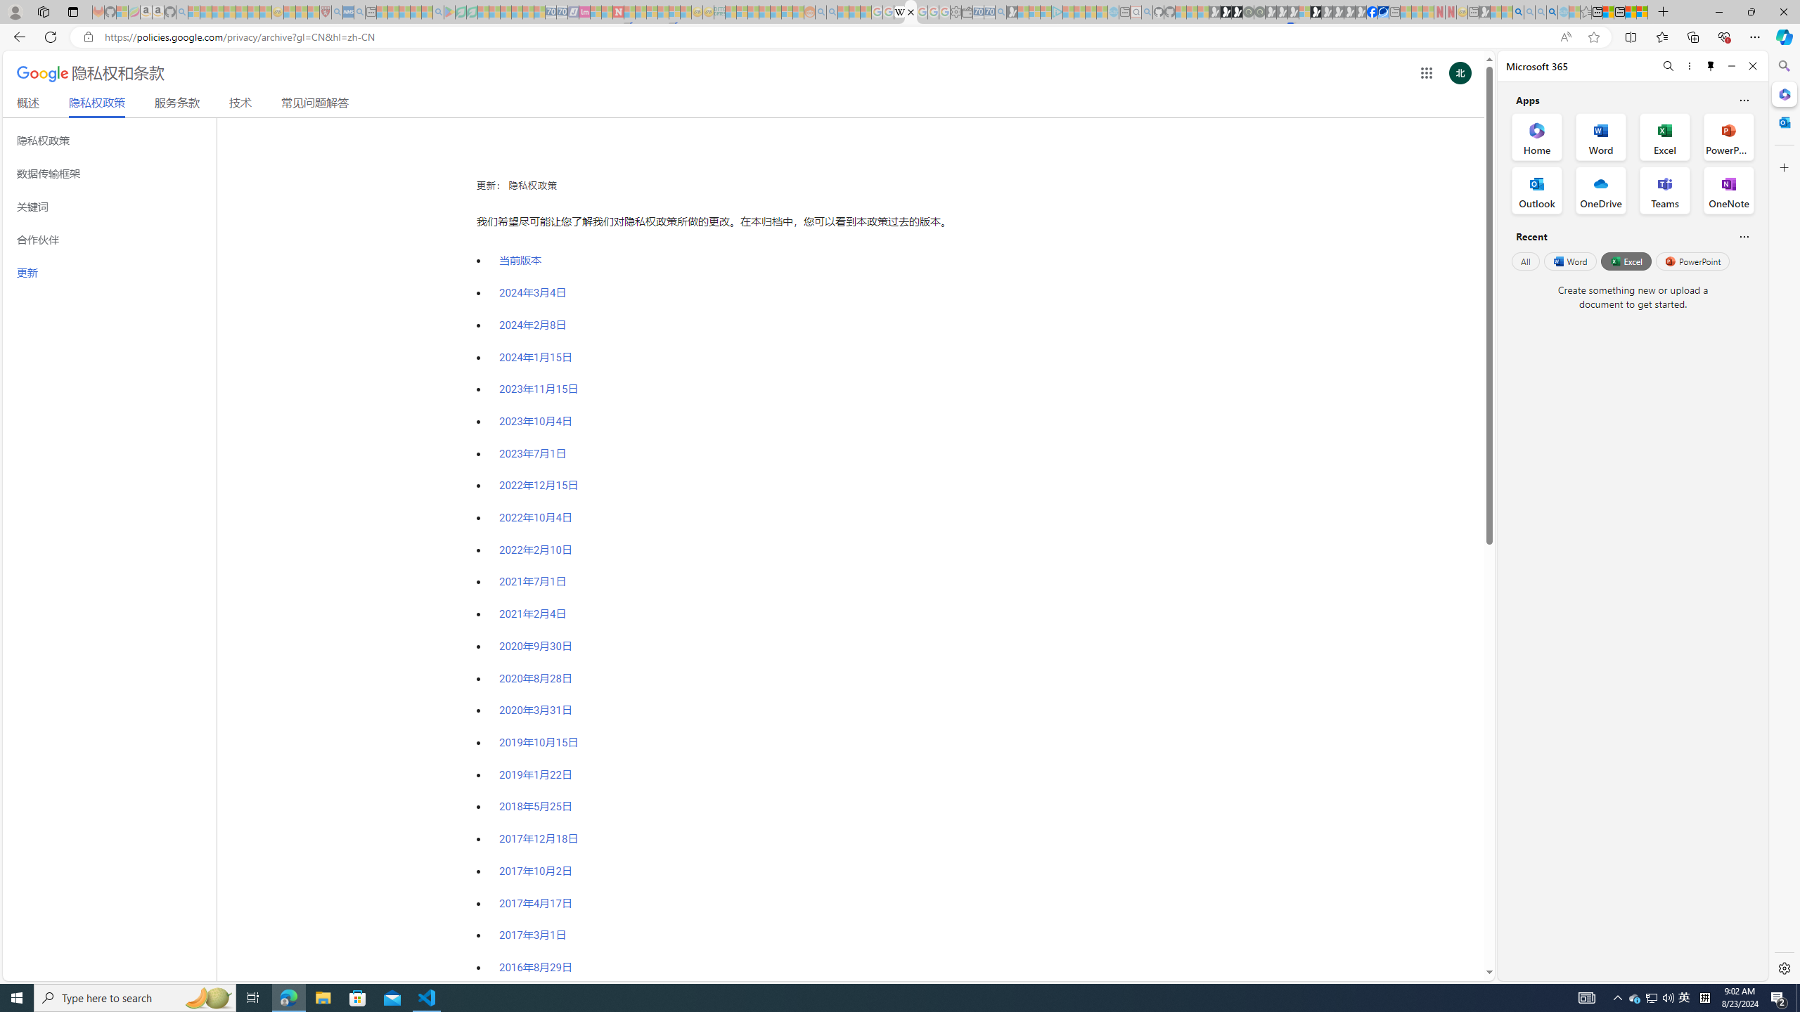 The image size is (1800, 1012). What do you see at coordinates (1625, 261) in the screenshot?
I see `'Excel'` at bounding box center [1625, 261].